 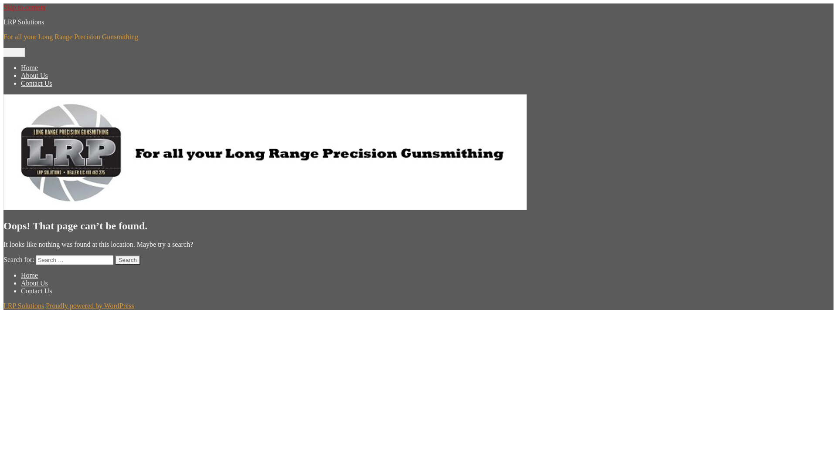 I want to click on 'LRP Solutions', so click(x=3, y=21).